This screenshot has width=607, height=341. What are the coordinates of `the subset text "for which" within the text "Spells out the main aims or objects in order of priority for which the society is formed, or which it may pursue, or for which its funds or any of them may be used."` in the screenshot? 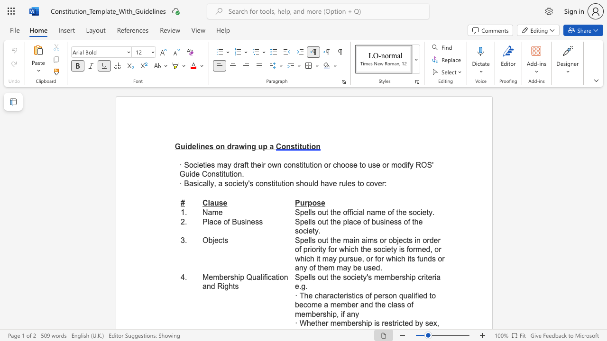 It's located at (374, 259).